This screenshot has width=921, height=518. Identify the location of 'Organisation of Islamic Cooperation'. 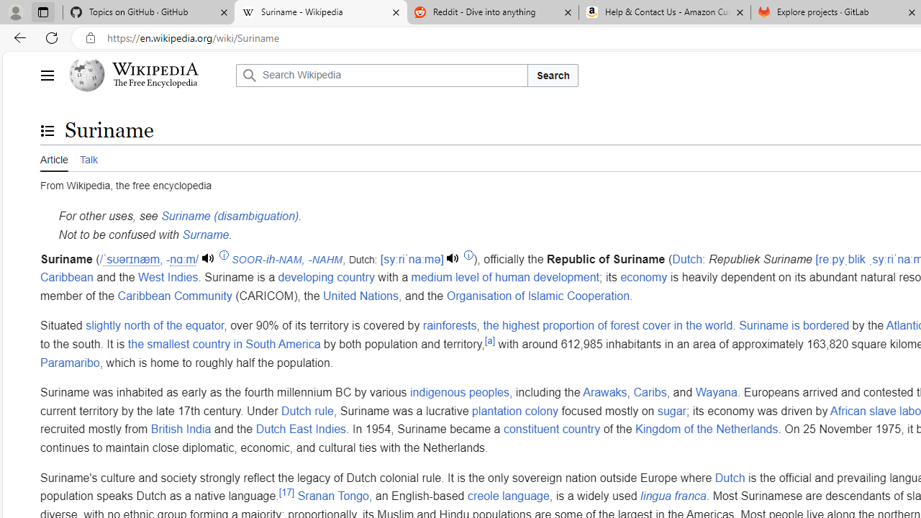
(537, 294).